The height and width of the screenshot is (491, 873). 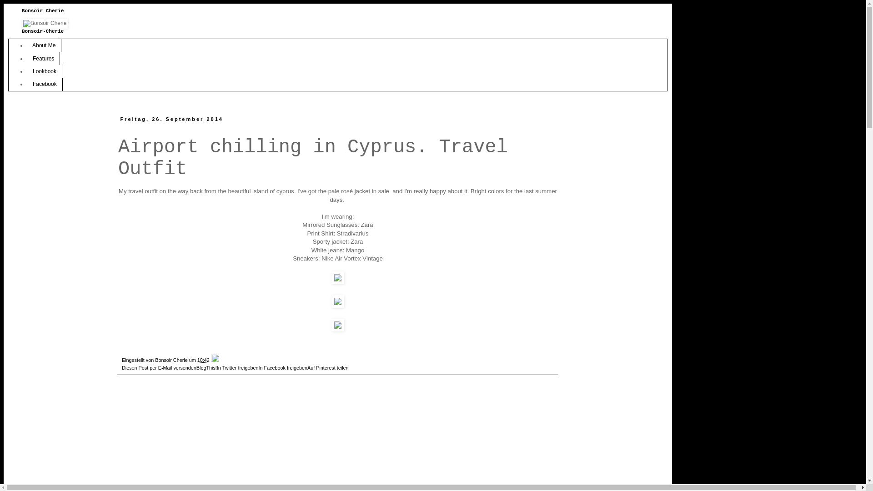 What do you see at coordinates (44, 84) in the screenshot?
I see `'Facebook'` at bounding box center [44, 84].